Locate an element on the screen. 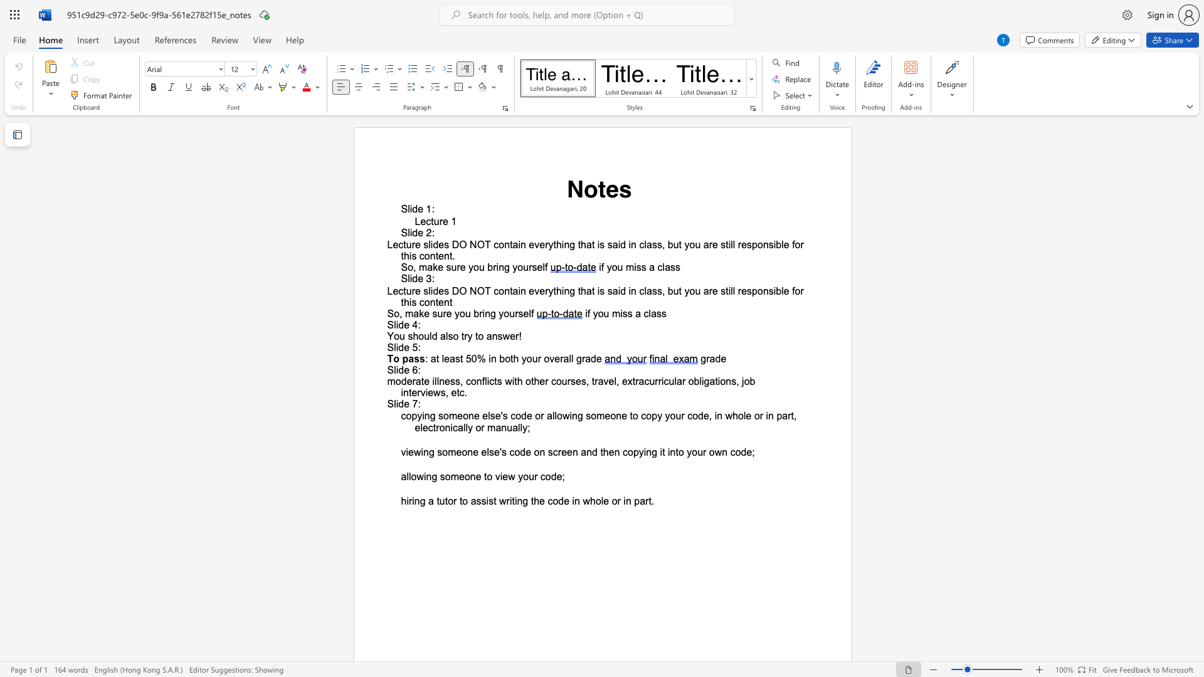 Image resolution: width=1204 pixels, height=677 pixels. the space between the continuous character "d" and "e" in the text is located at coordinates (595, 359).